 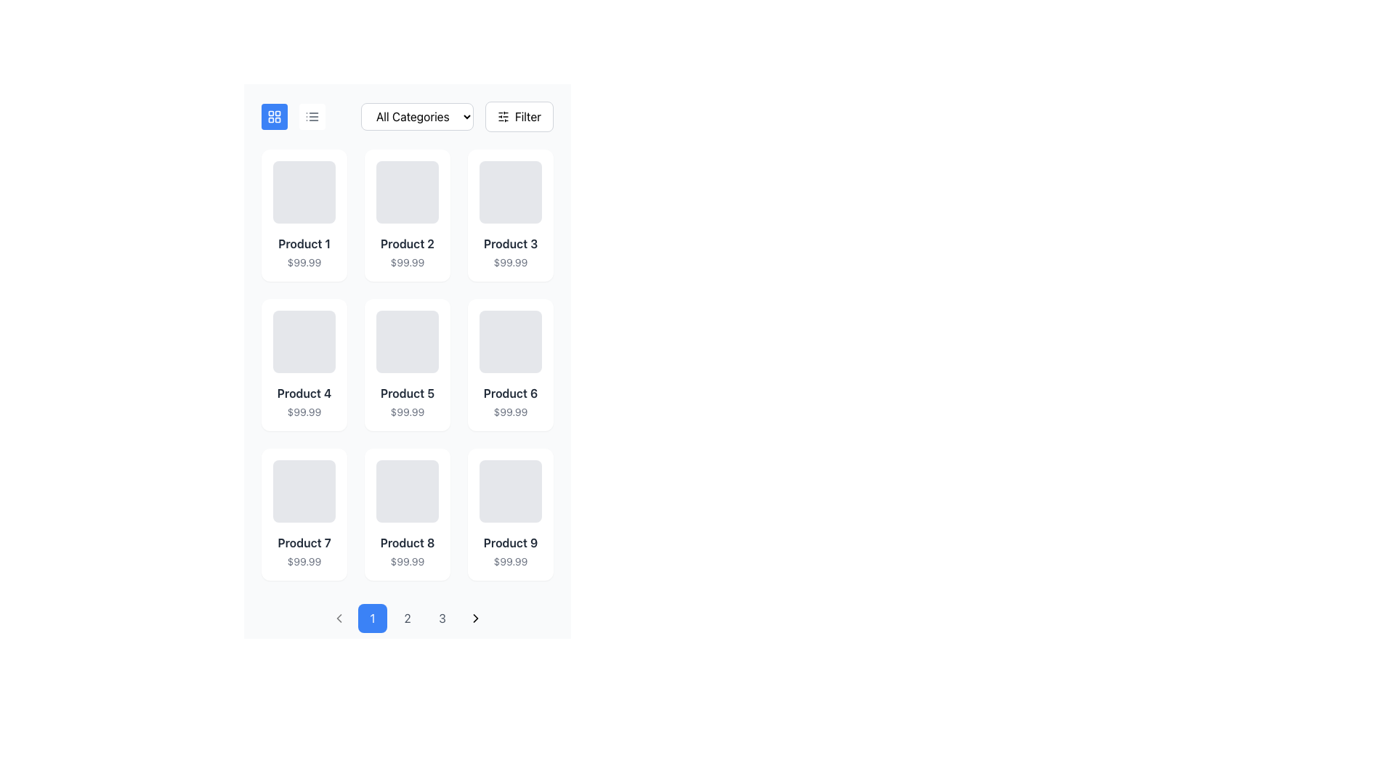 What do you see at coordinates (338, 618) in the screenshot?
I see `the gray chevron-left icon located at the bottom left section of the interface` at bounding box center [338, 618].